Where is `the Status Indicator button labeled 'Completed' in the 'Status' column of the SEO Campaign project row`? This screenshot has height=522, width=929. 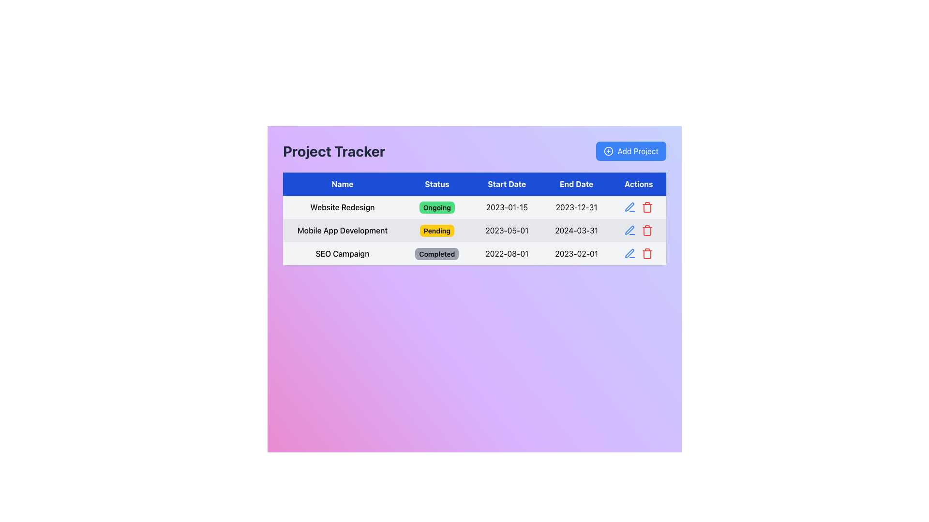 the Status Indicator button labeled 'Completed' in the 'Status' column of the SEO Campaign project row is located at coordinates (436, 253).